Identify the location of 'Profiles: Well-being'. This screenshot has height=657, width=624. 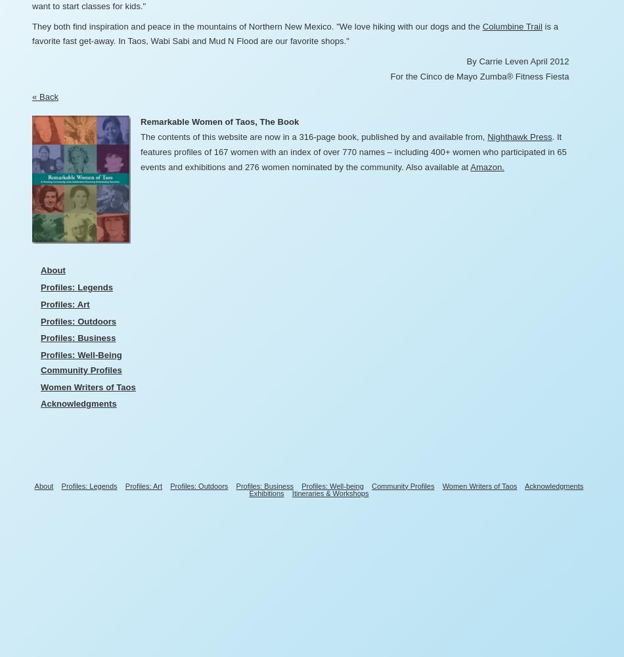
(301, 485).